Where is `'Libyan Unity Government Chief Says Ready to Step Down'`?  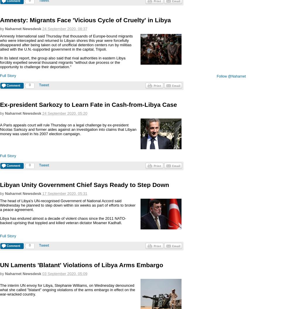
'Libyan Unity Government Chief Says Ready to Step Down' is located at coordinates (0, 184).